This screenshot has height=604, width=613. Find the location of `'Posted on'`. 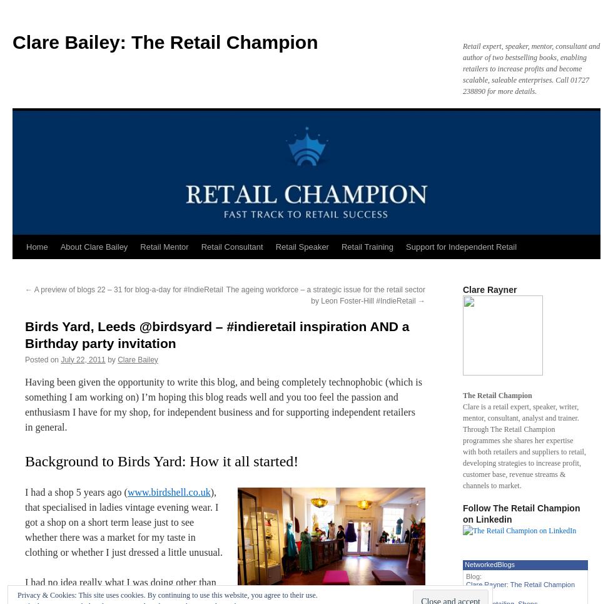

'Posted on' is located at coordinates (42, 359).